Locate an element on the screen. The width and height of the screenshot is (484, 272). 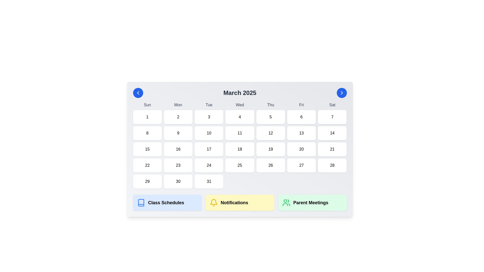
the Static UI card for notifications, located in the middle of three horizontally aligned tiles at the bottom of the calendar interface is located at coordinates (239, 202).